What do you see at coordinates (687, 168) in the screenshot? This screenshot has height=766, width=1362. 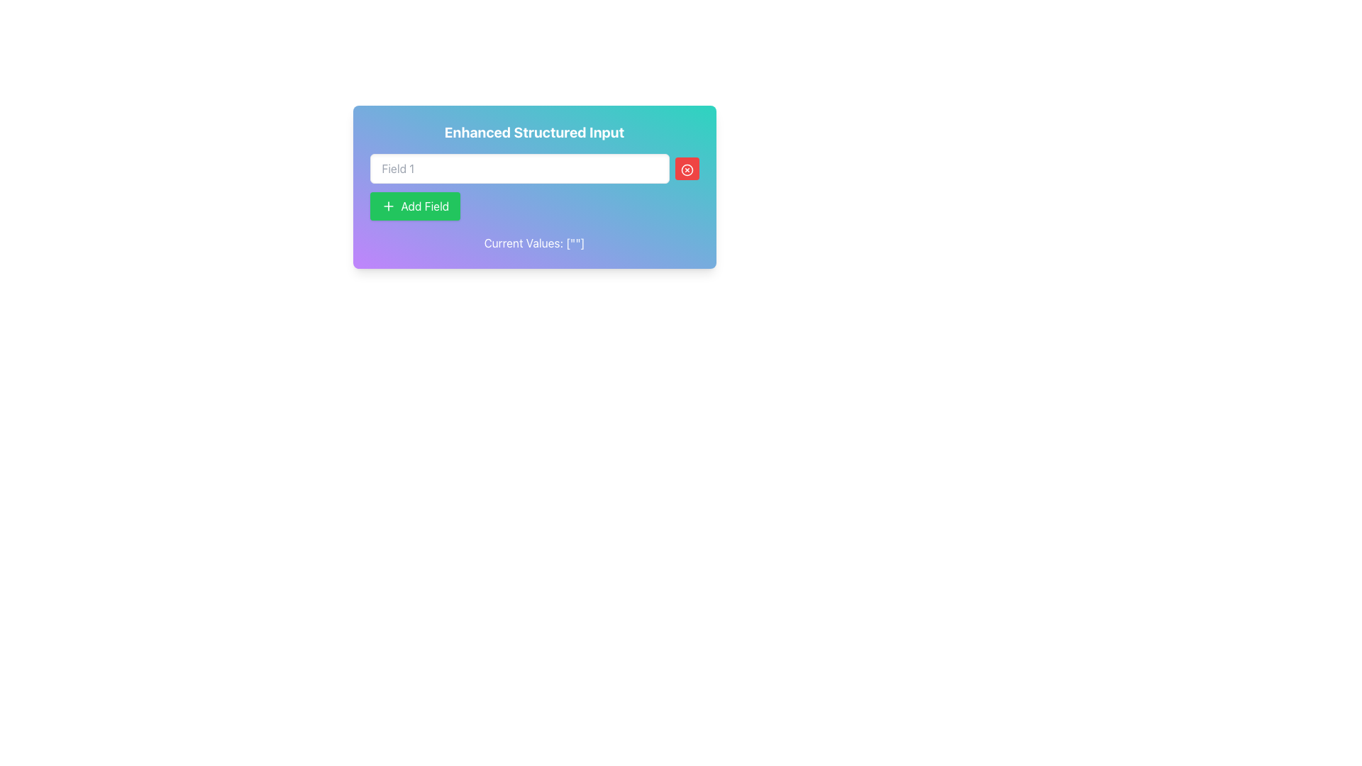 I see `the red button with a circular 'X' icon located to the immediate right of the input field labeled 'Field 1'` at bounding box center [687, 168].